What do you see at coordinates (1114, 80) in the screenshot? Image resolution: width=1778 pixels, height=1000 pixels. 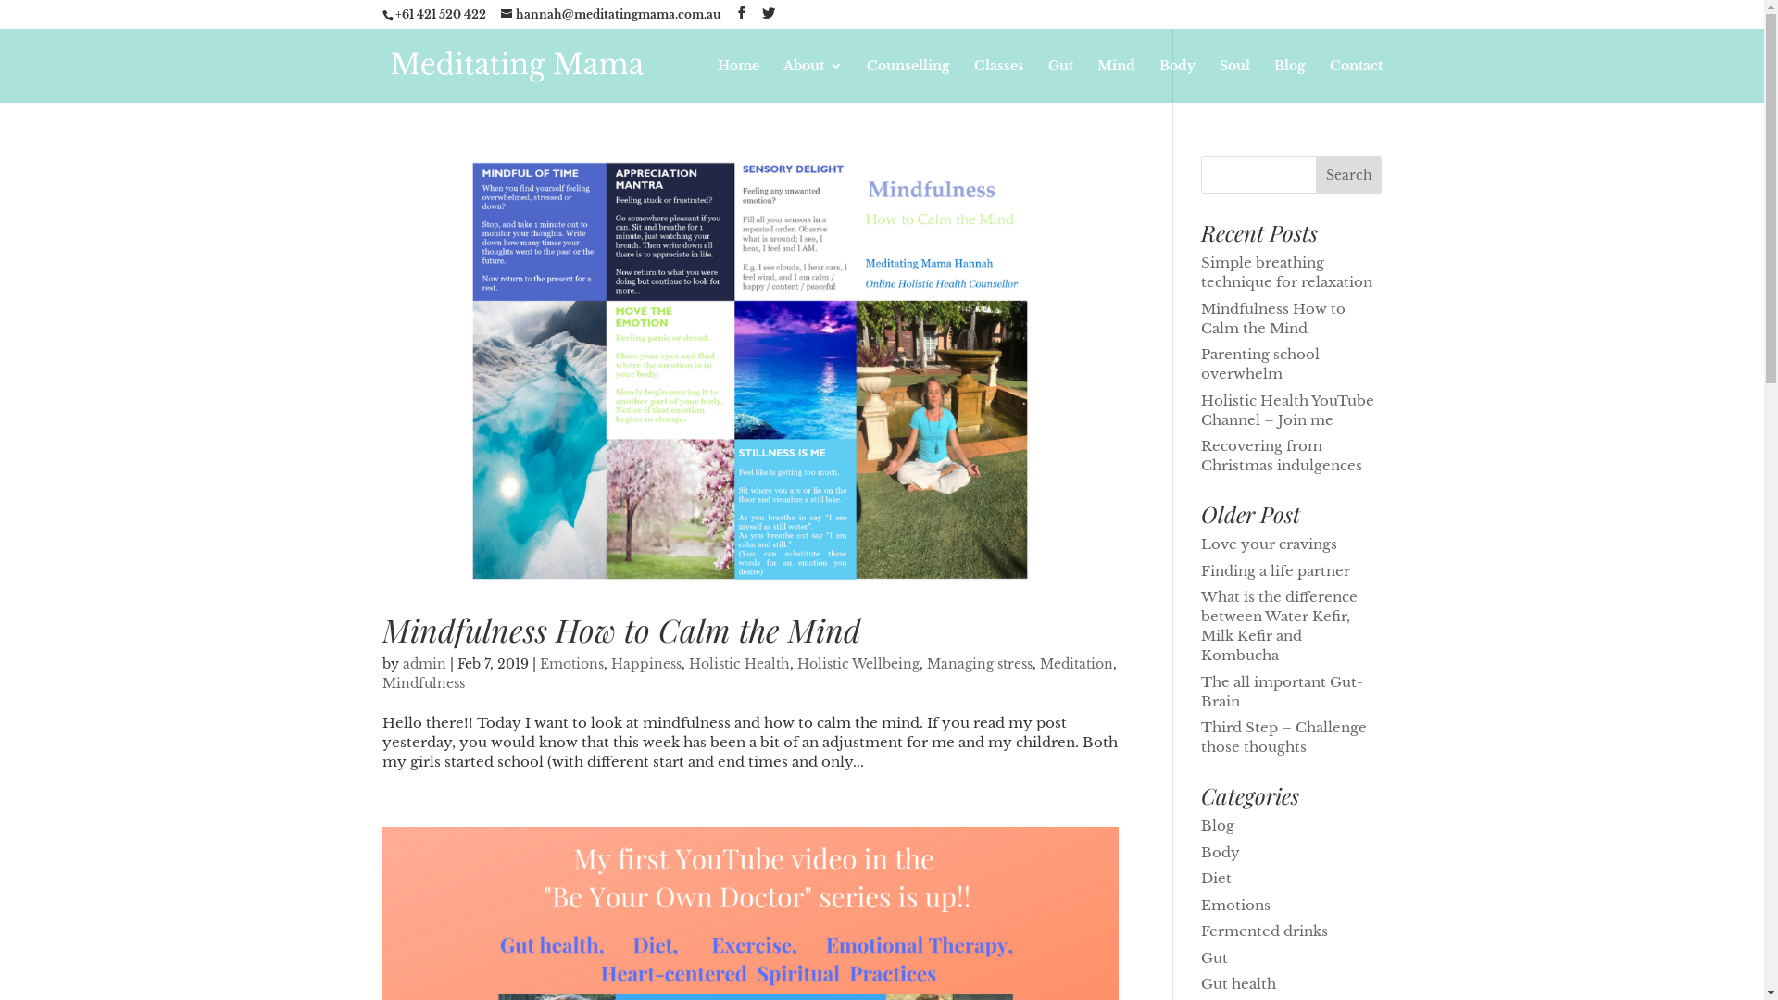 I see `'Mind'` at bounding box center [1114, 80].